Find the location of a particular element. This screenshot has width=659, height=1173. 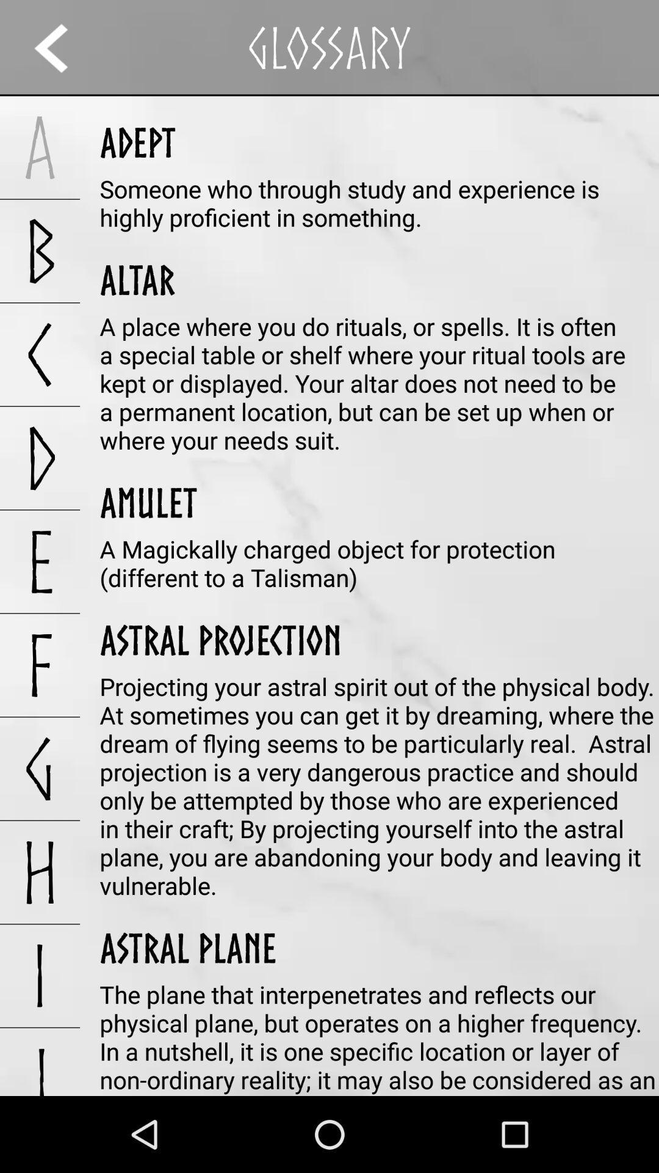

icon above e is located at coordinates (39, 457).